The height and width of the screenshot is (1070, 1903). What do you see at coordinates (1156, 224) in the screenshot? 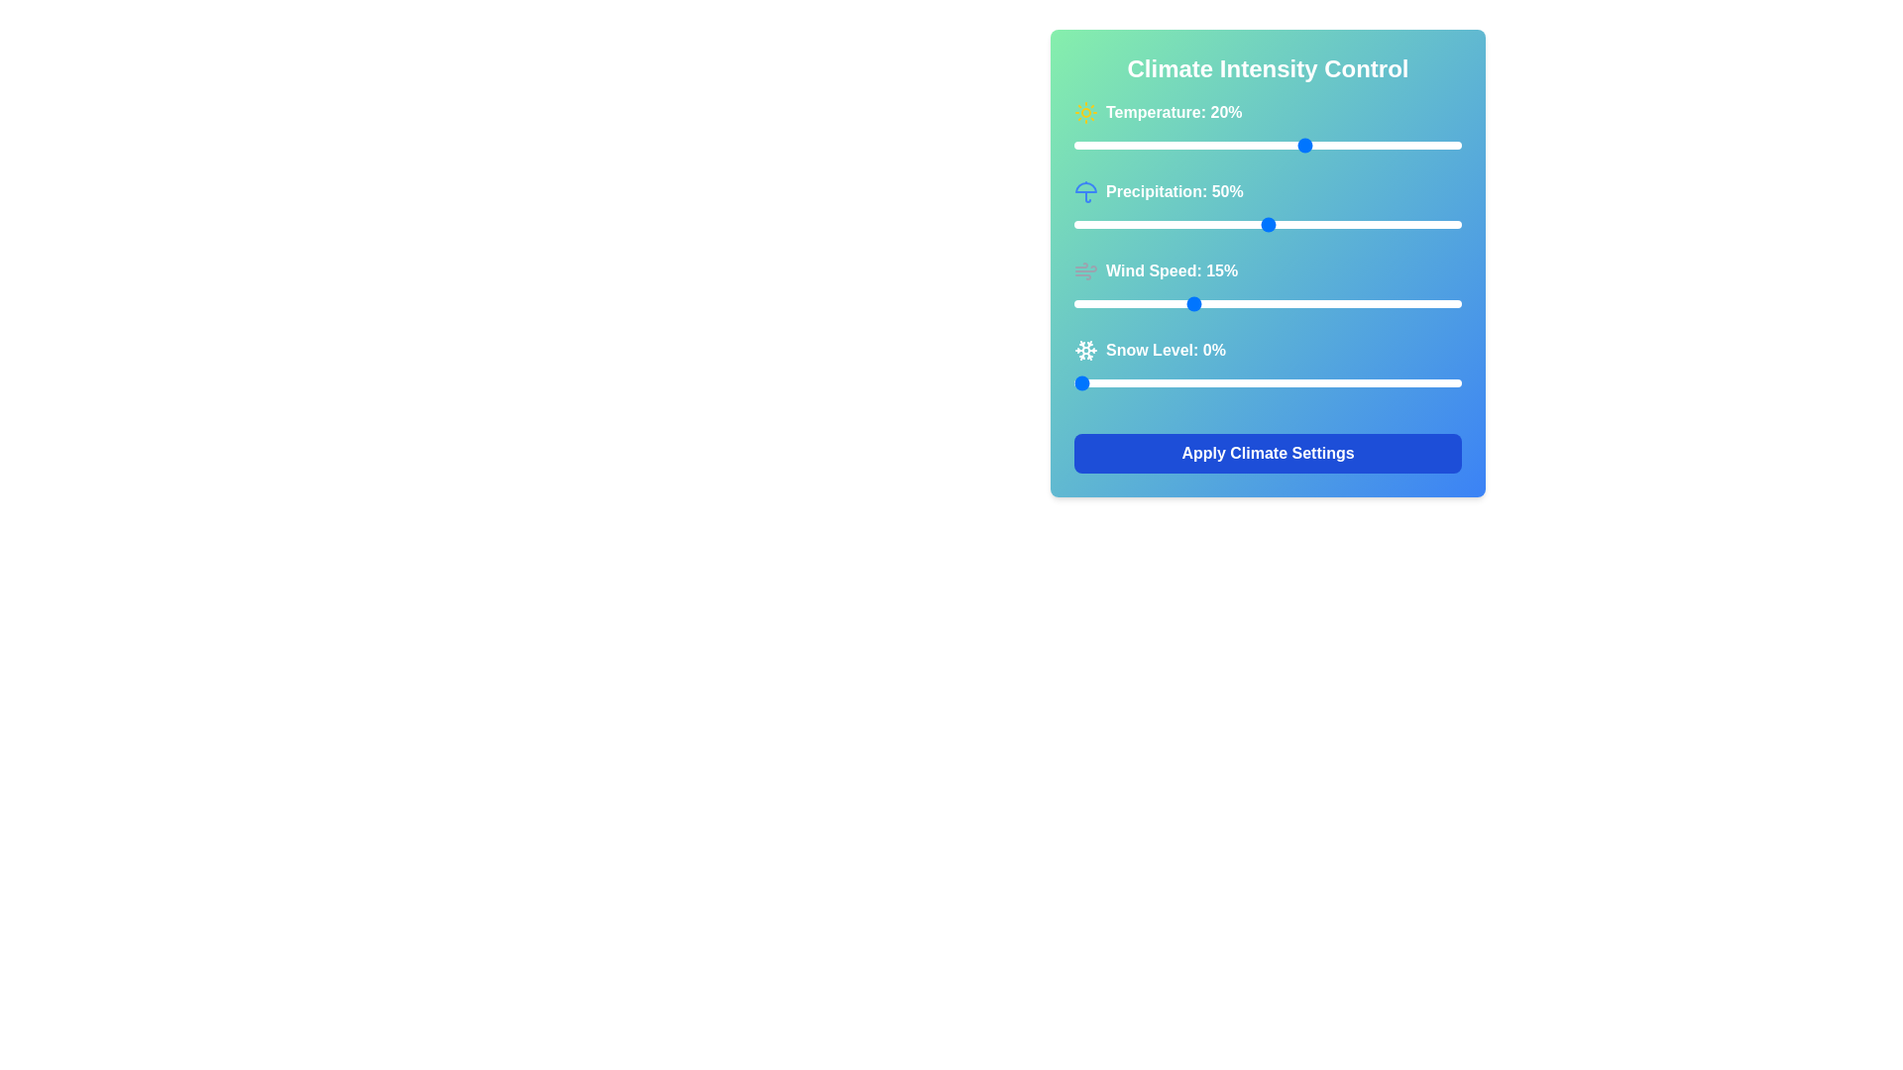
I see `precipitation` at bounding box center [1156, 224].